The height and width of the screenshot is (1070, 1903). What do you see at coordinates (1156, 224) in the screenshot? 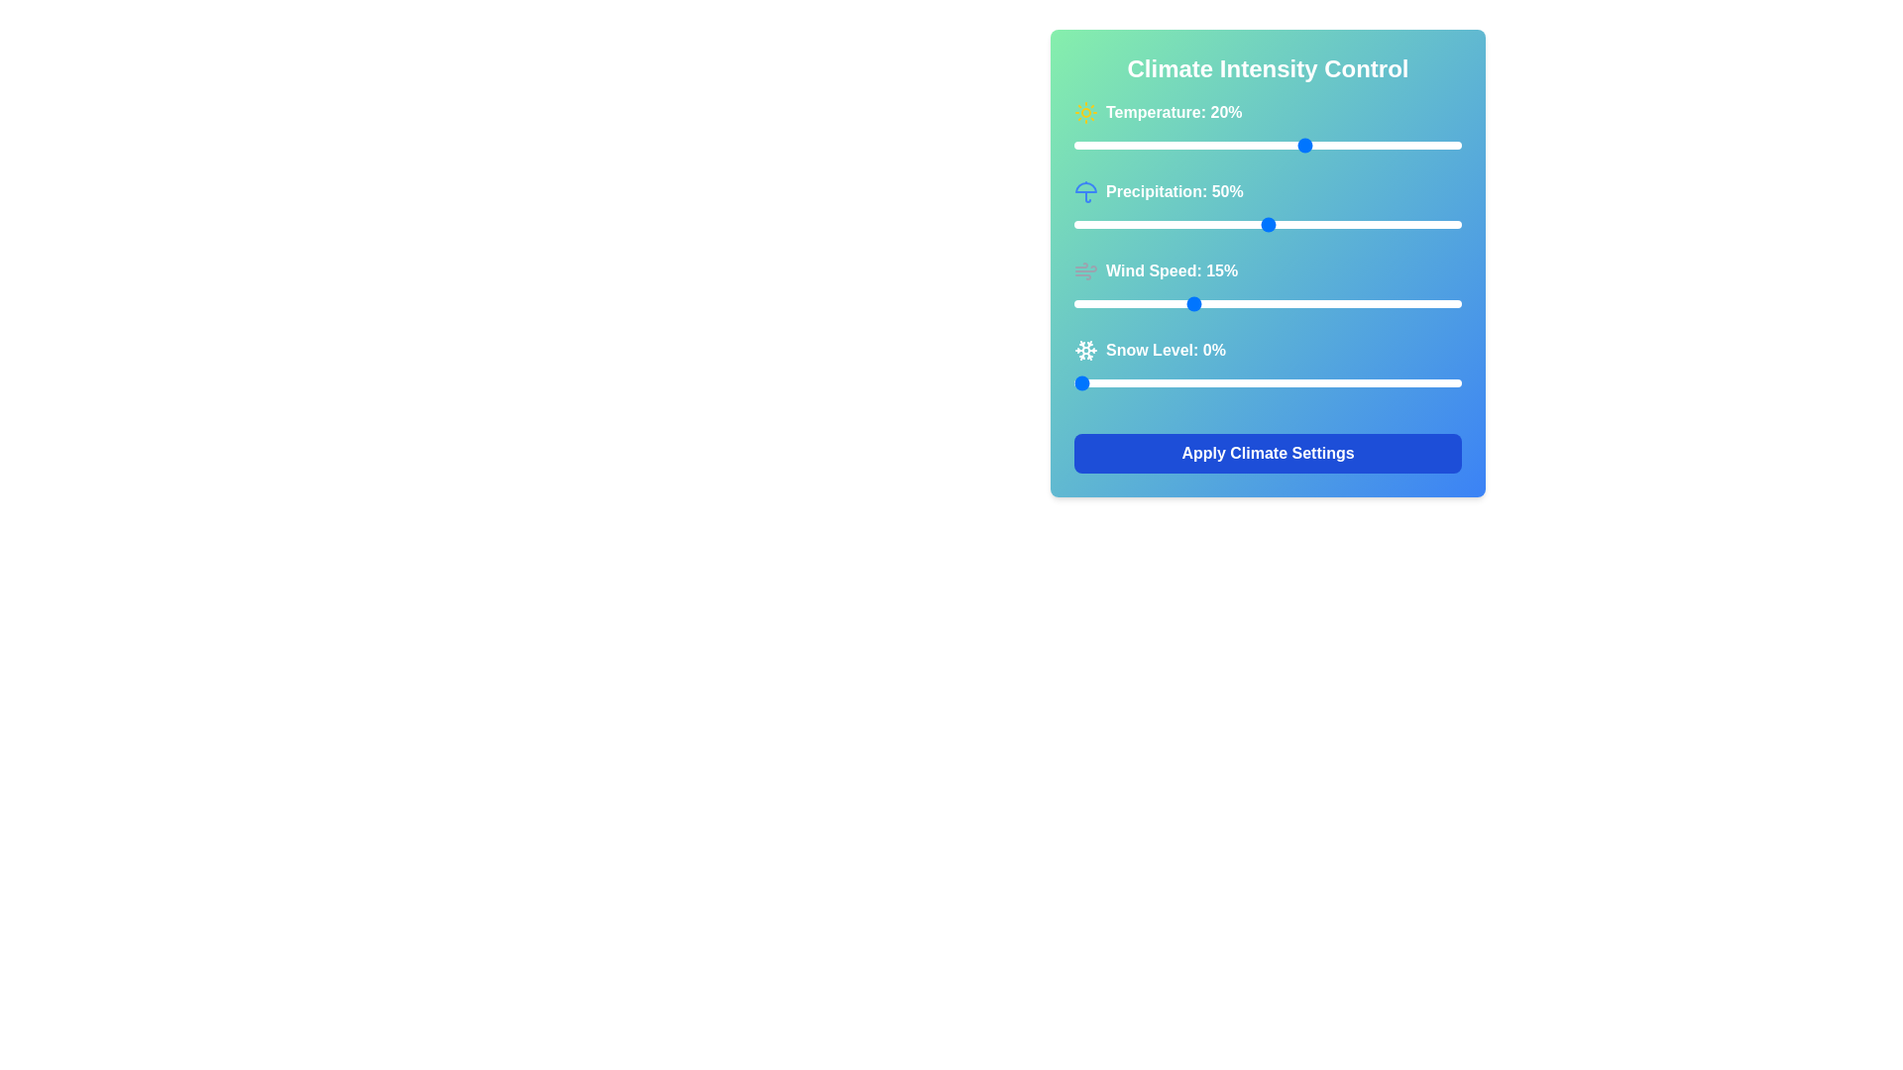
I see `precipitation` at bounding box center [1156, 224].